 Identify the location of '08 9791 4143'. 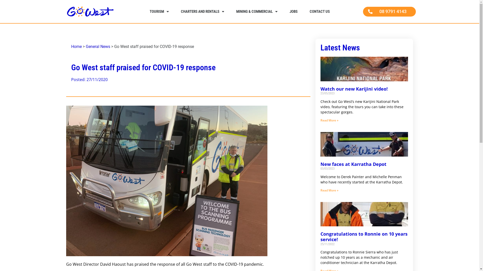
(389, 11).